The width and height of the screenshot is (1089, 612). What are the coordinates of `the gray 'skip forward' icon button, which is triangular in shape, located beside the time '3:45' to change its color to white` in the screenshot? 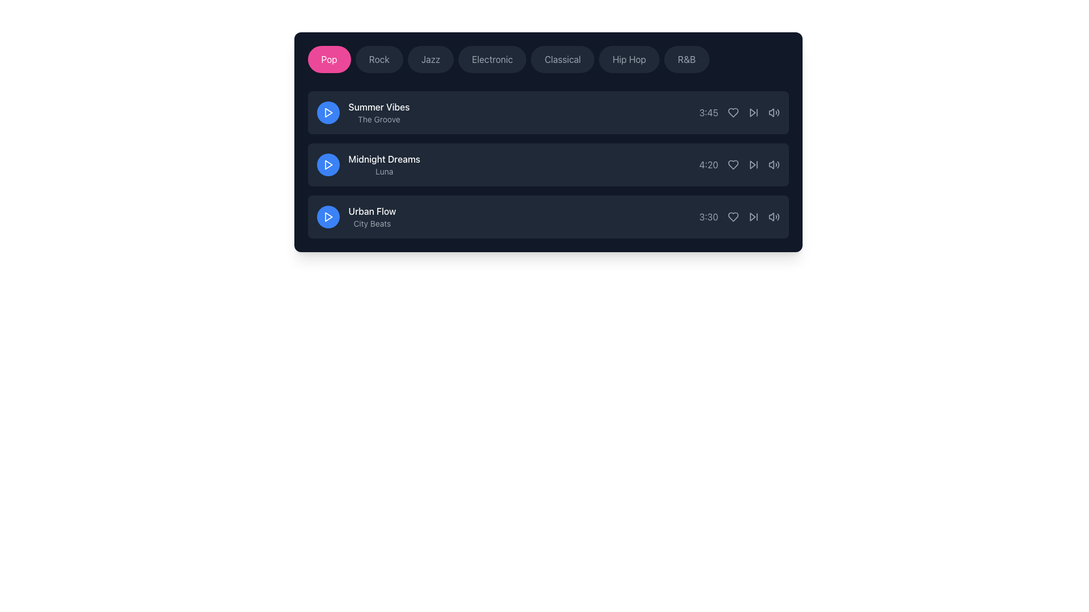 It's located at (753, 113).